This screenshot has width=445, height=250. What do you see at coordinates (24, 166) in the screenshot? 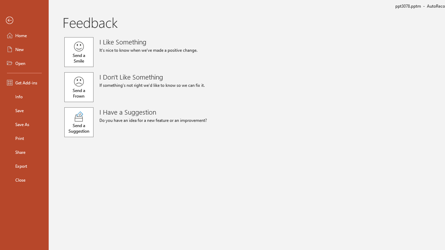
I see `'Export'` at bounding box center [24, 166].